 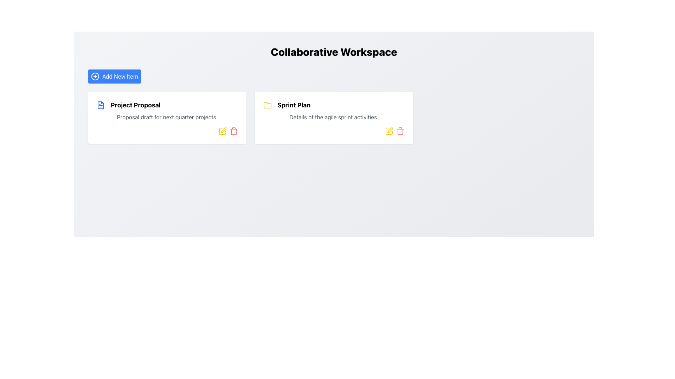 What do you see at coordinates (167, 117) in the screenshot?
I see `the first card in the grid layout, which contains a blue document icon and the text 'Project Proposal'` at bounding box center [167, 117].